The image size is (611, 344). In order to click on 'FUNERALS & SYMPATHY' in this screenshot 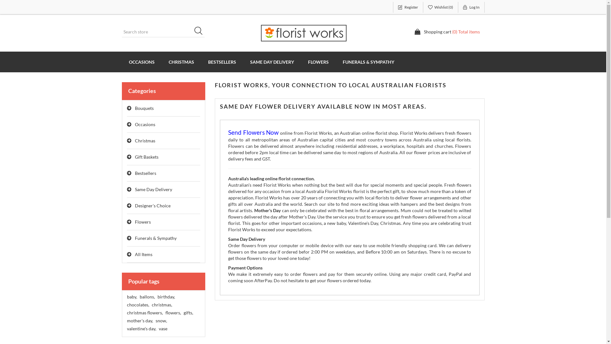, I will do `click(368, 62)`.